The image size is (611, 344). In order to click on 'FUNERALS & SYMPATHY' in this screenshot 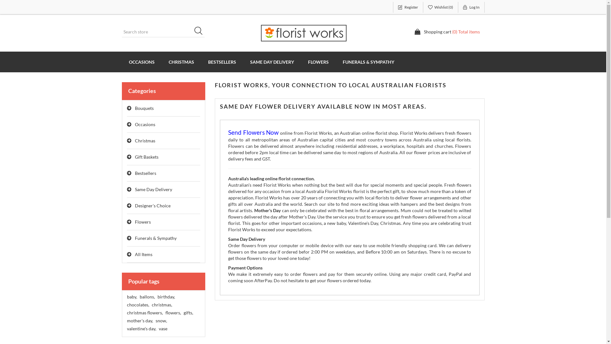, I will do `click(368, 62)`.